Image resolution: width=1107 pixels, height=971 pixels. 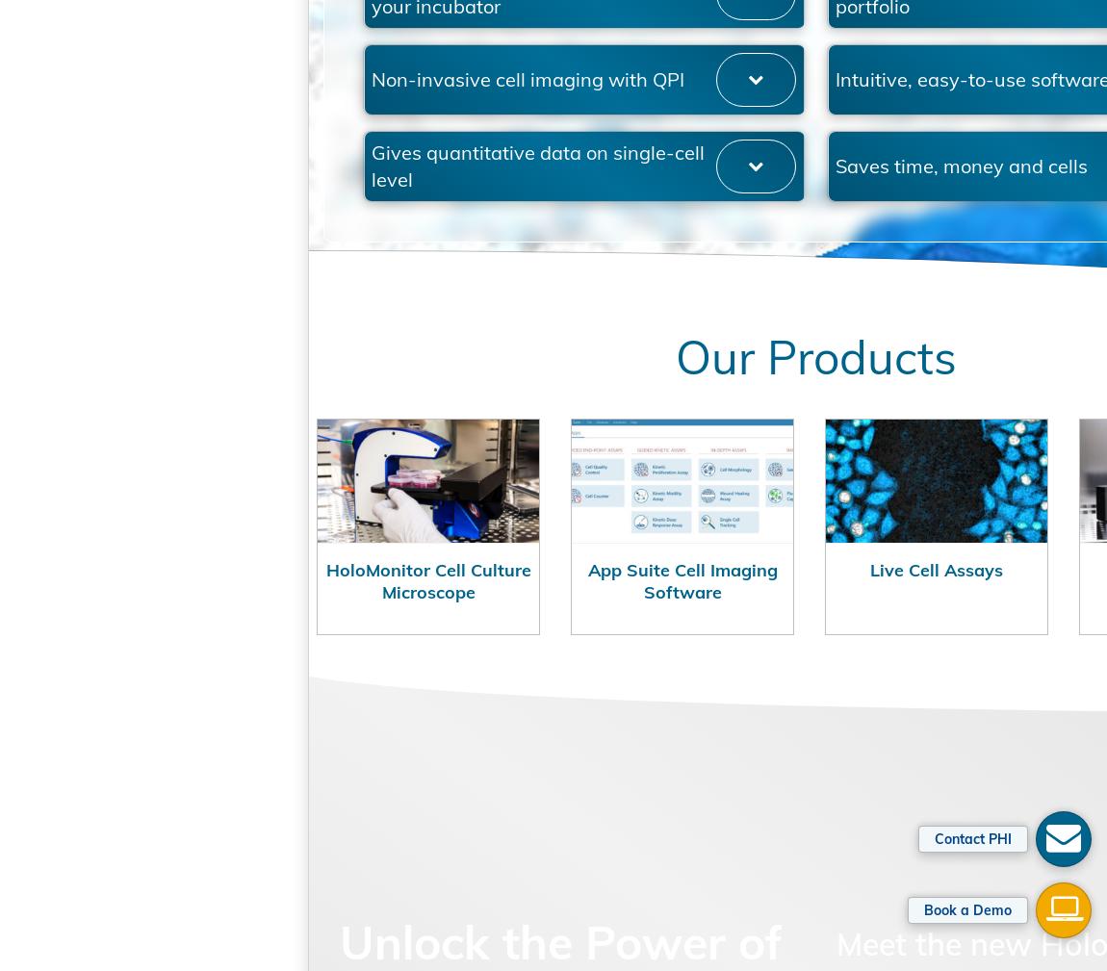 I want to click on 'Gives quantitative data on single-cell level', so click(x=476, y=271).